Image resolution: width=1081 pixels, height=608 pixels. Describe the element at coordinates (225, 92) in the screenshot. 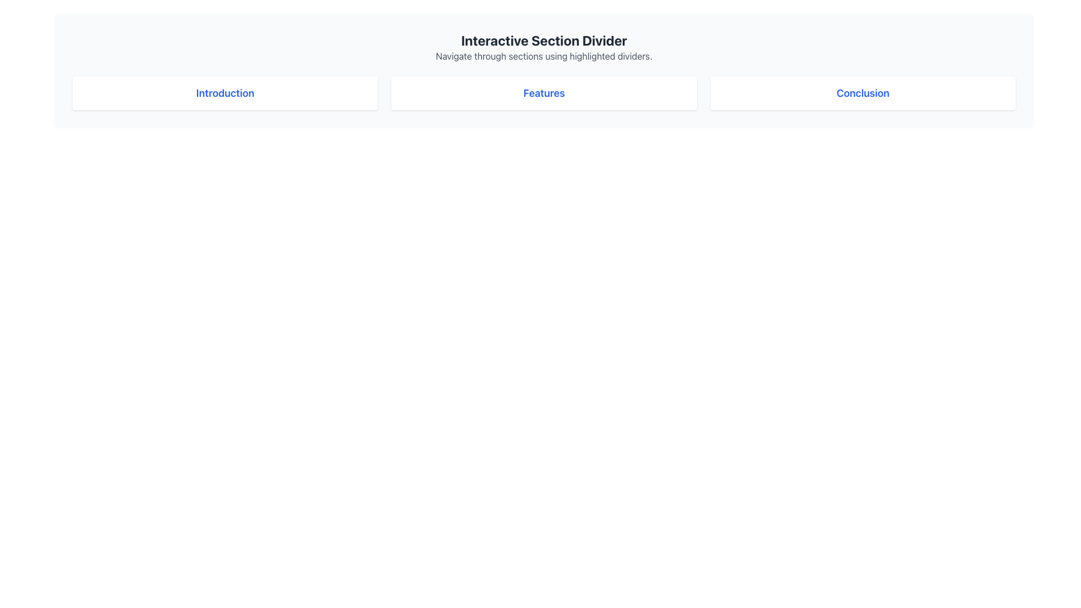

I see `text content of the 'Introduction' text label, which serves as an identifier for the corresponding section of the interface` at that location.